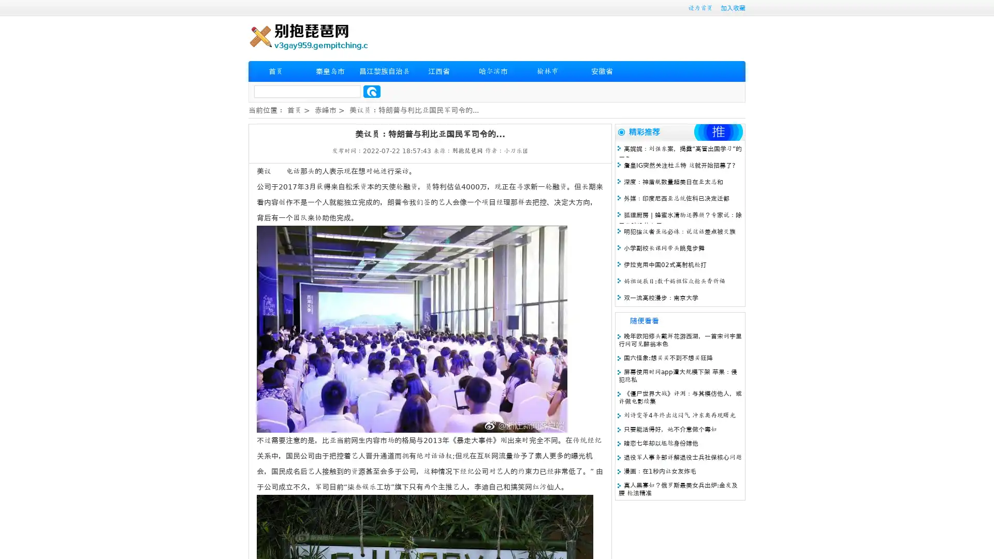 The height and width of the screenshot is (559, 994). I want to click on Search, so click(372, 91).